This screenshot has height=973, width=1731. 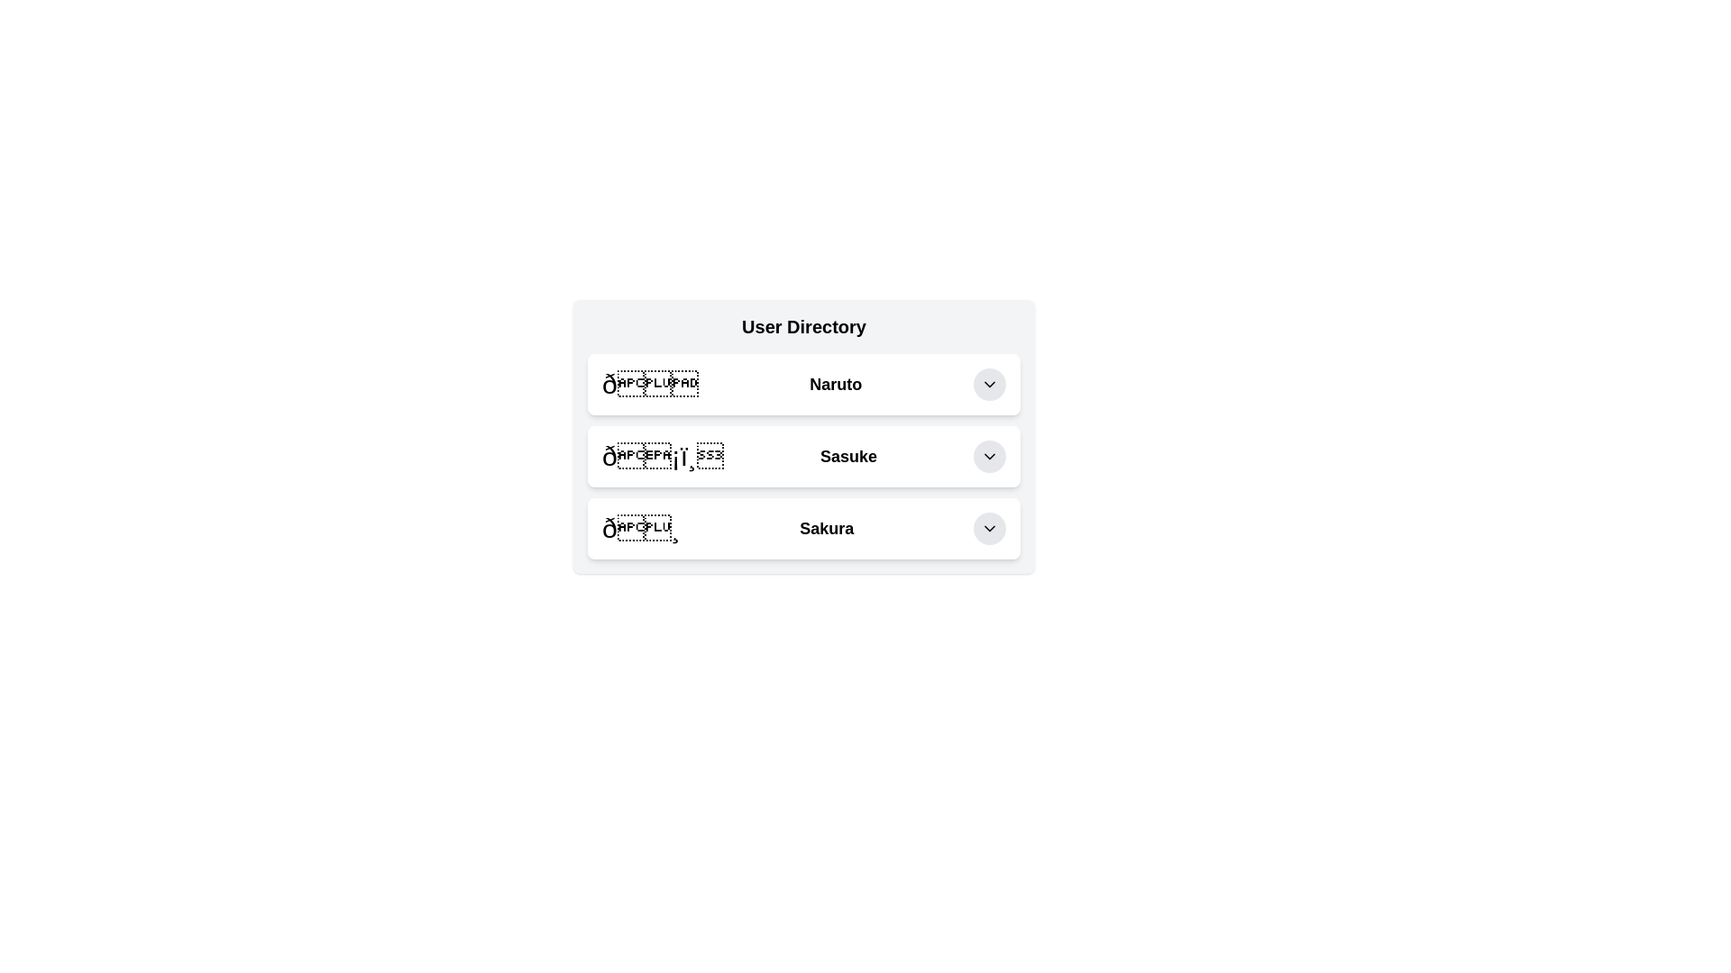 I want to click on the static text display element showing the name 'Sasuke' in bold style, located in the second row of the 'User Directory' interface, so click(x=847, y=455).